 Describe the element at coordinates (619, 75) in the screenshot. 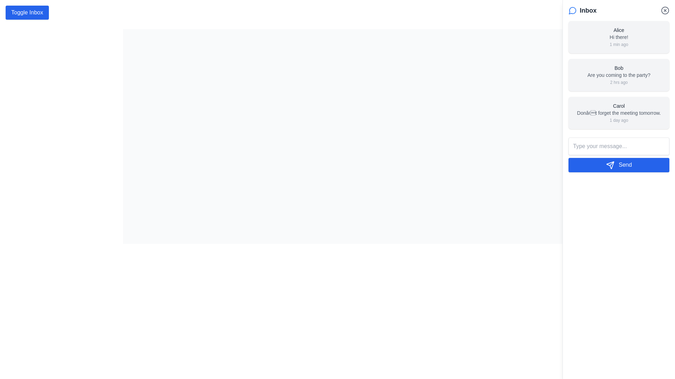

I see `chat message text displayed below the 'Bob' label and above the timestamp '2 hrs ago'` at that location.